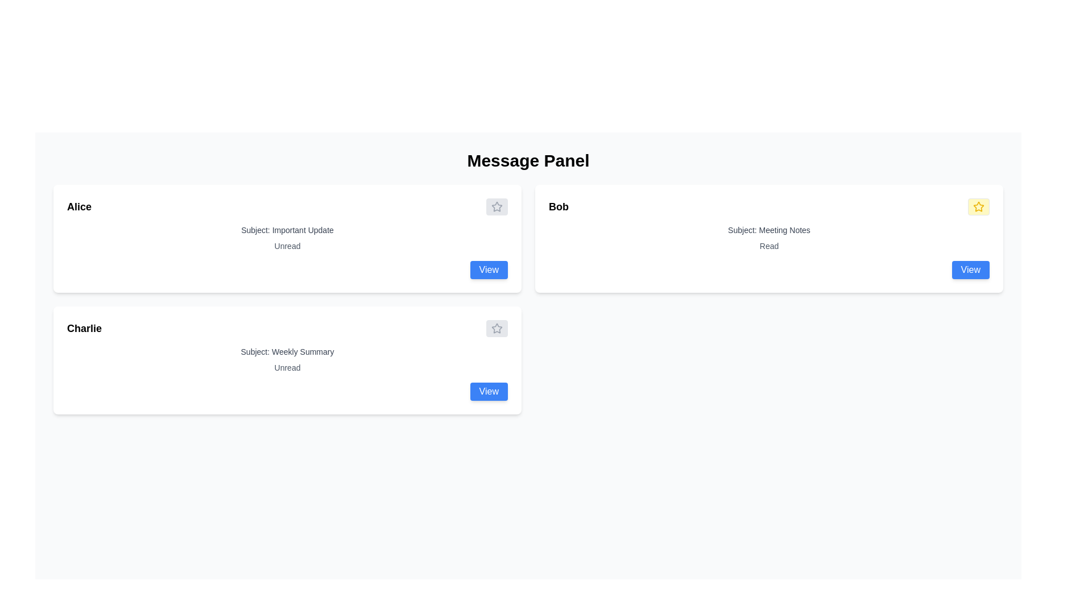 This screenshot has height=614, width=1092. Describe the element at coordinates (287, 351) in the screenshot. I see `the static text label that provides an overview of the message subject, located below the sender's name 'Charlie' in the second card of the message panel layout` at that location.